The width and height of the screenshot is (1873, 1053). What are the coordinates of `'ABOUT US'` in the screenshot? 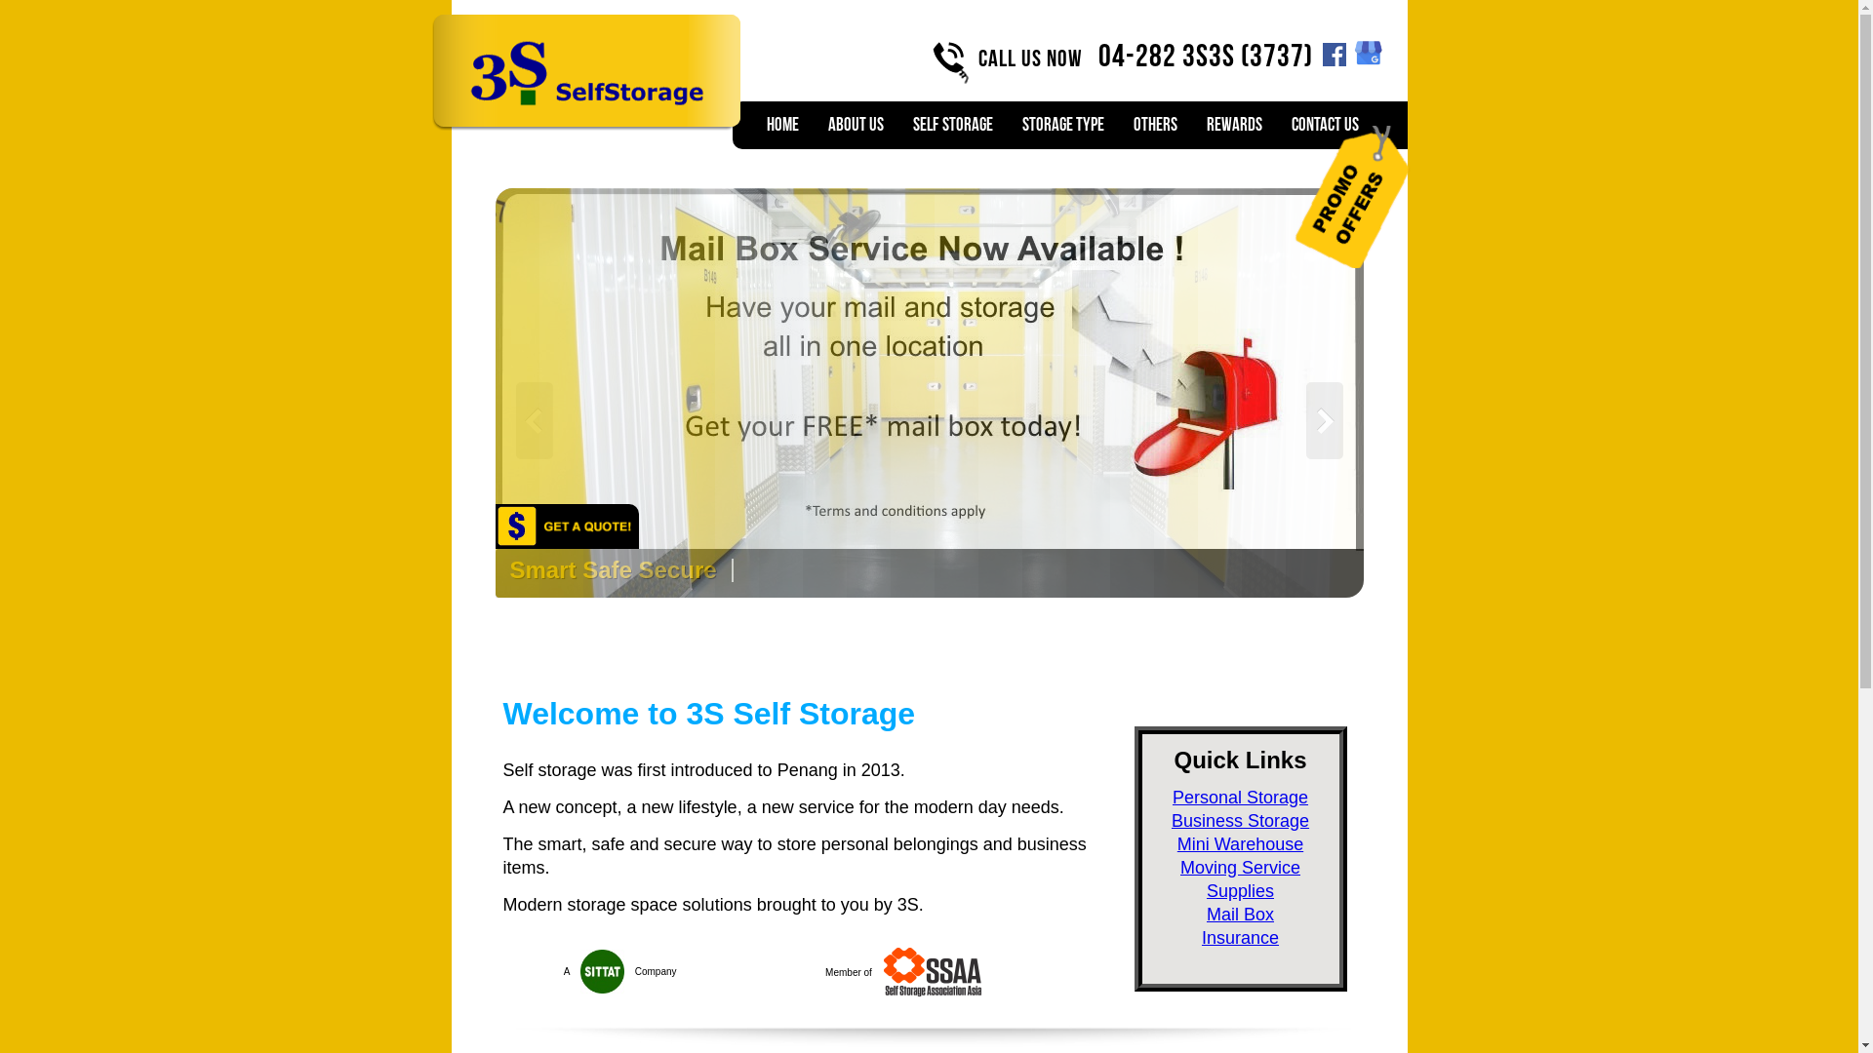 It's located at (855, 125).